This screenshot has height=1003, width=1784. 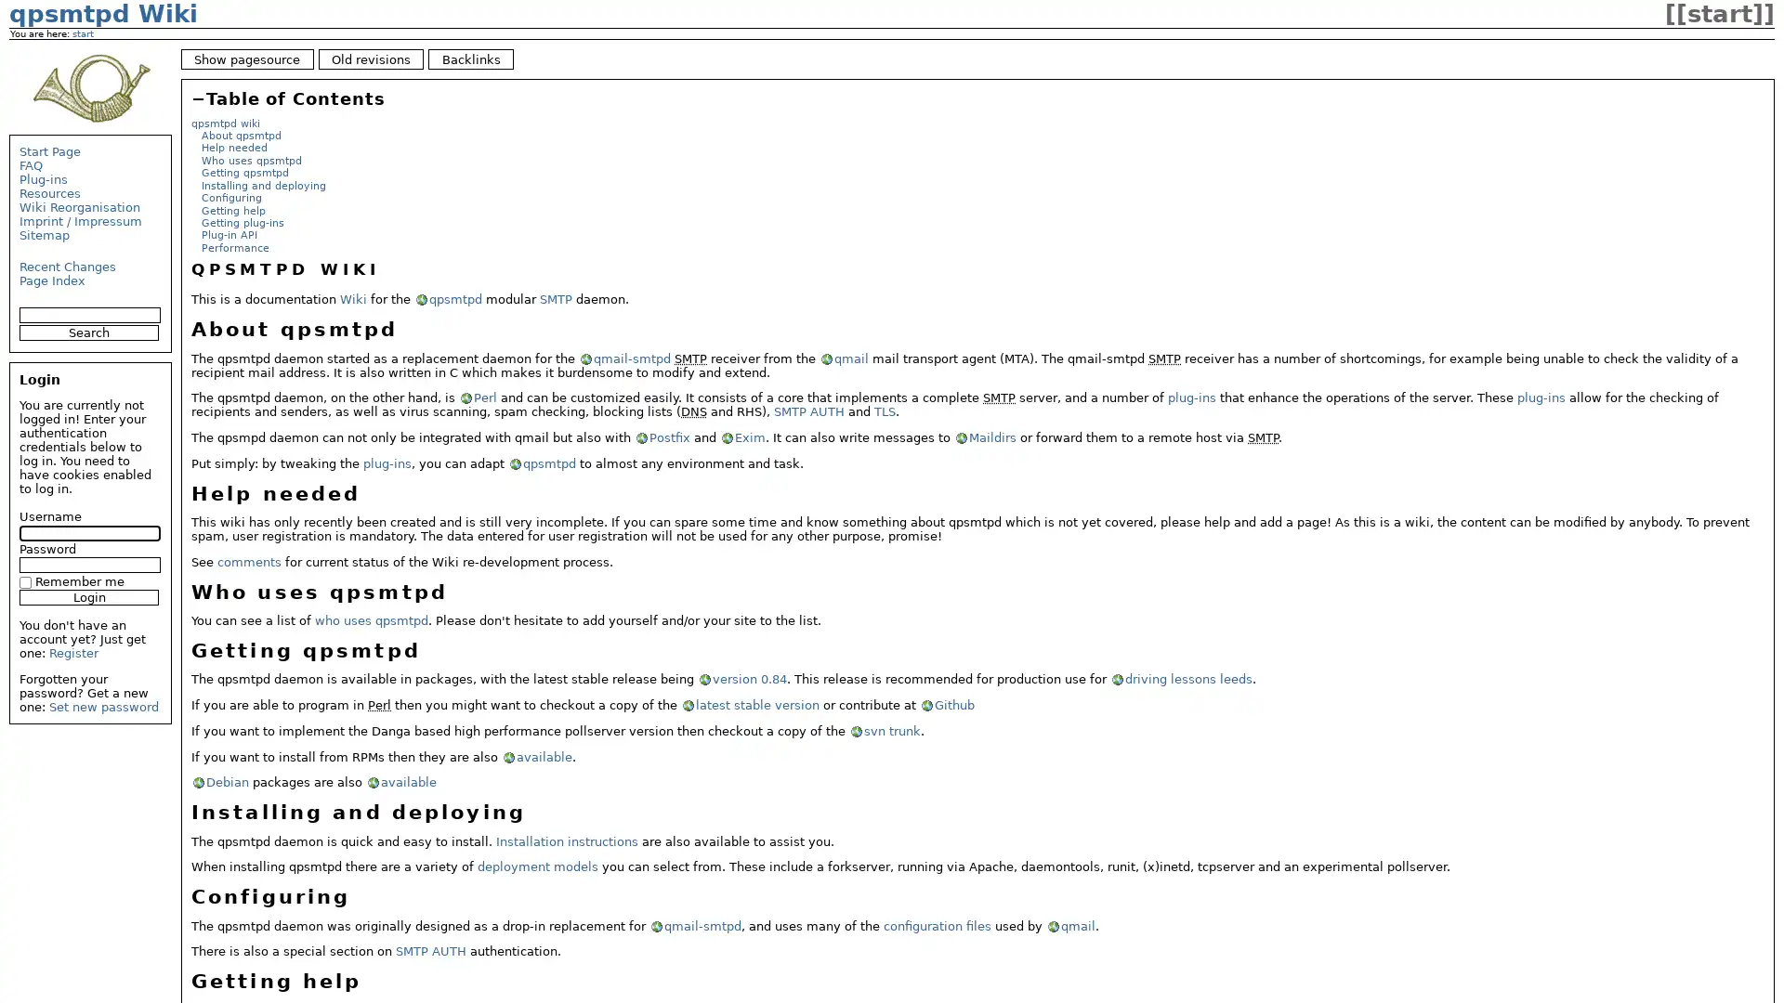 What do you see at coordinates (245, 59) in the screenshot?
I see `Show pagesource` at bounding box center [245, 59].